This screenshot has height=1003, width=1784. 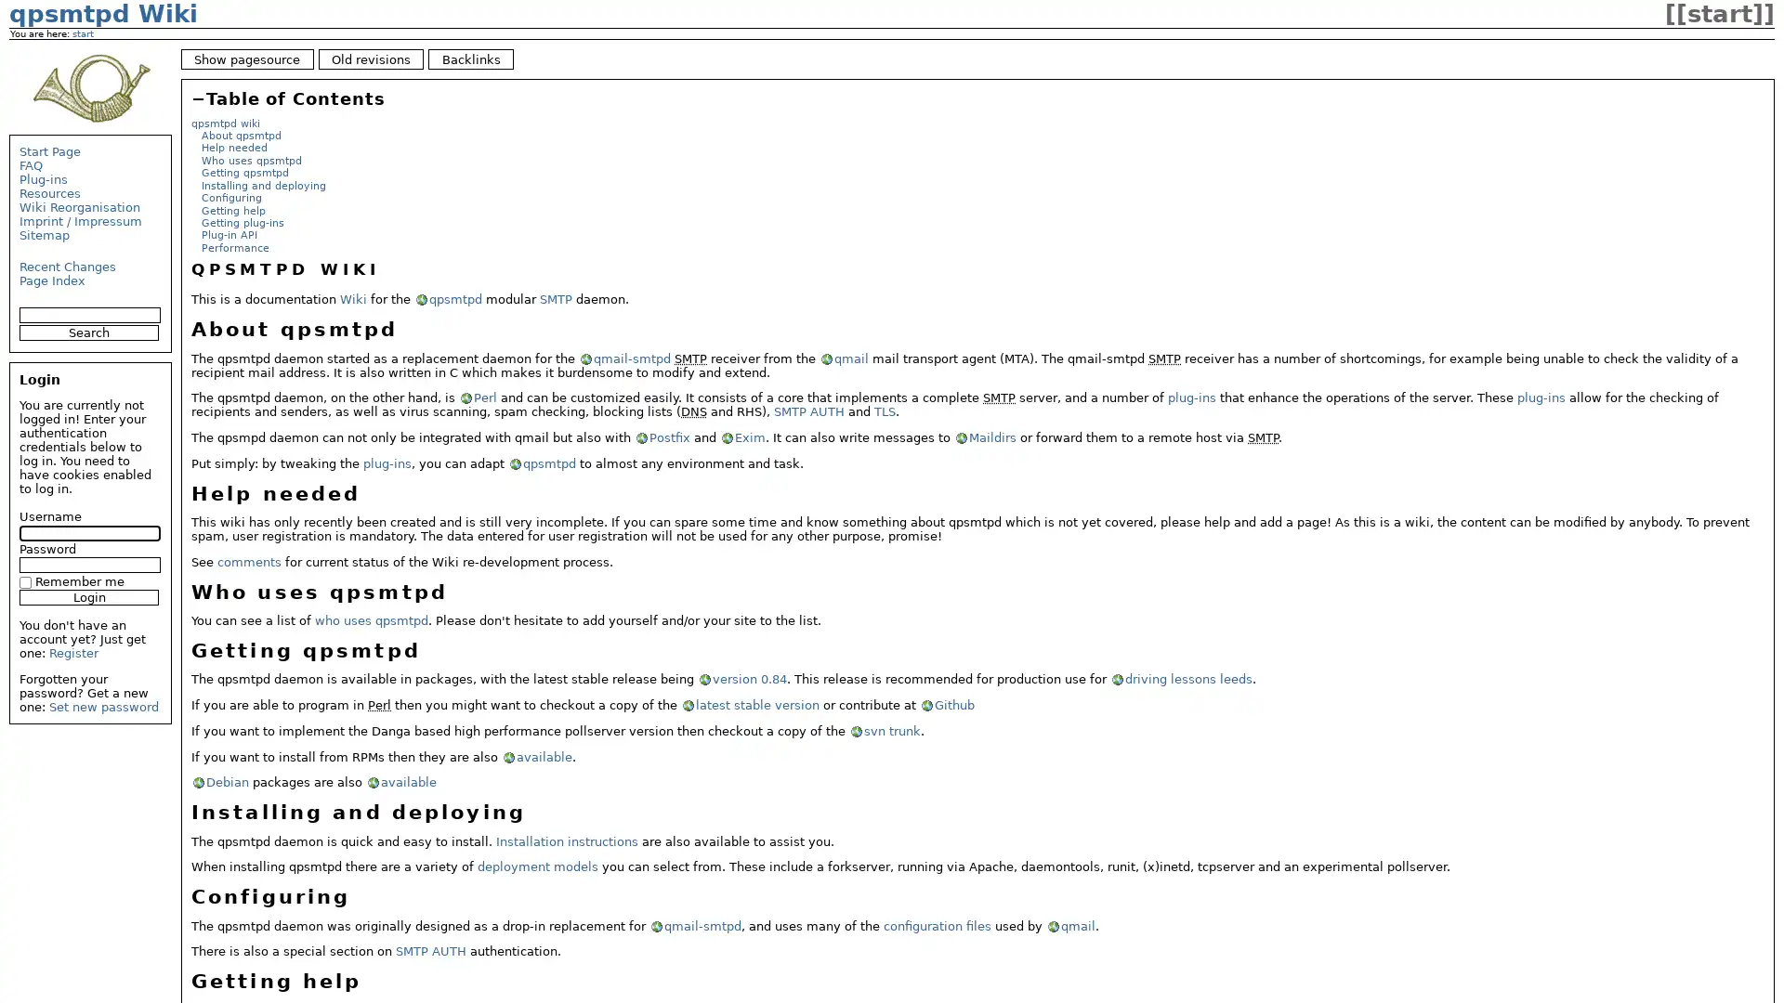 What do you see at coordinates (245, 59) in the screenshot?
I see `Show pagesource` at bounding box center [245, 59].